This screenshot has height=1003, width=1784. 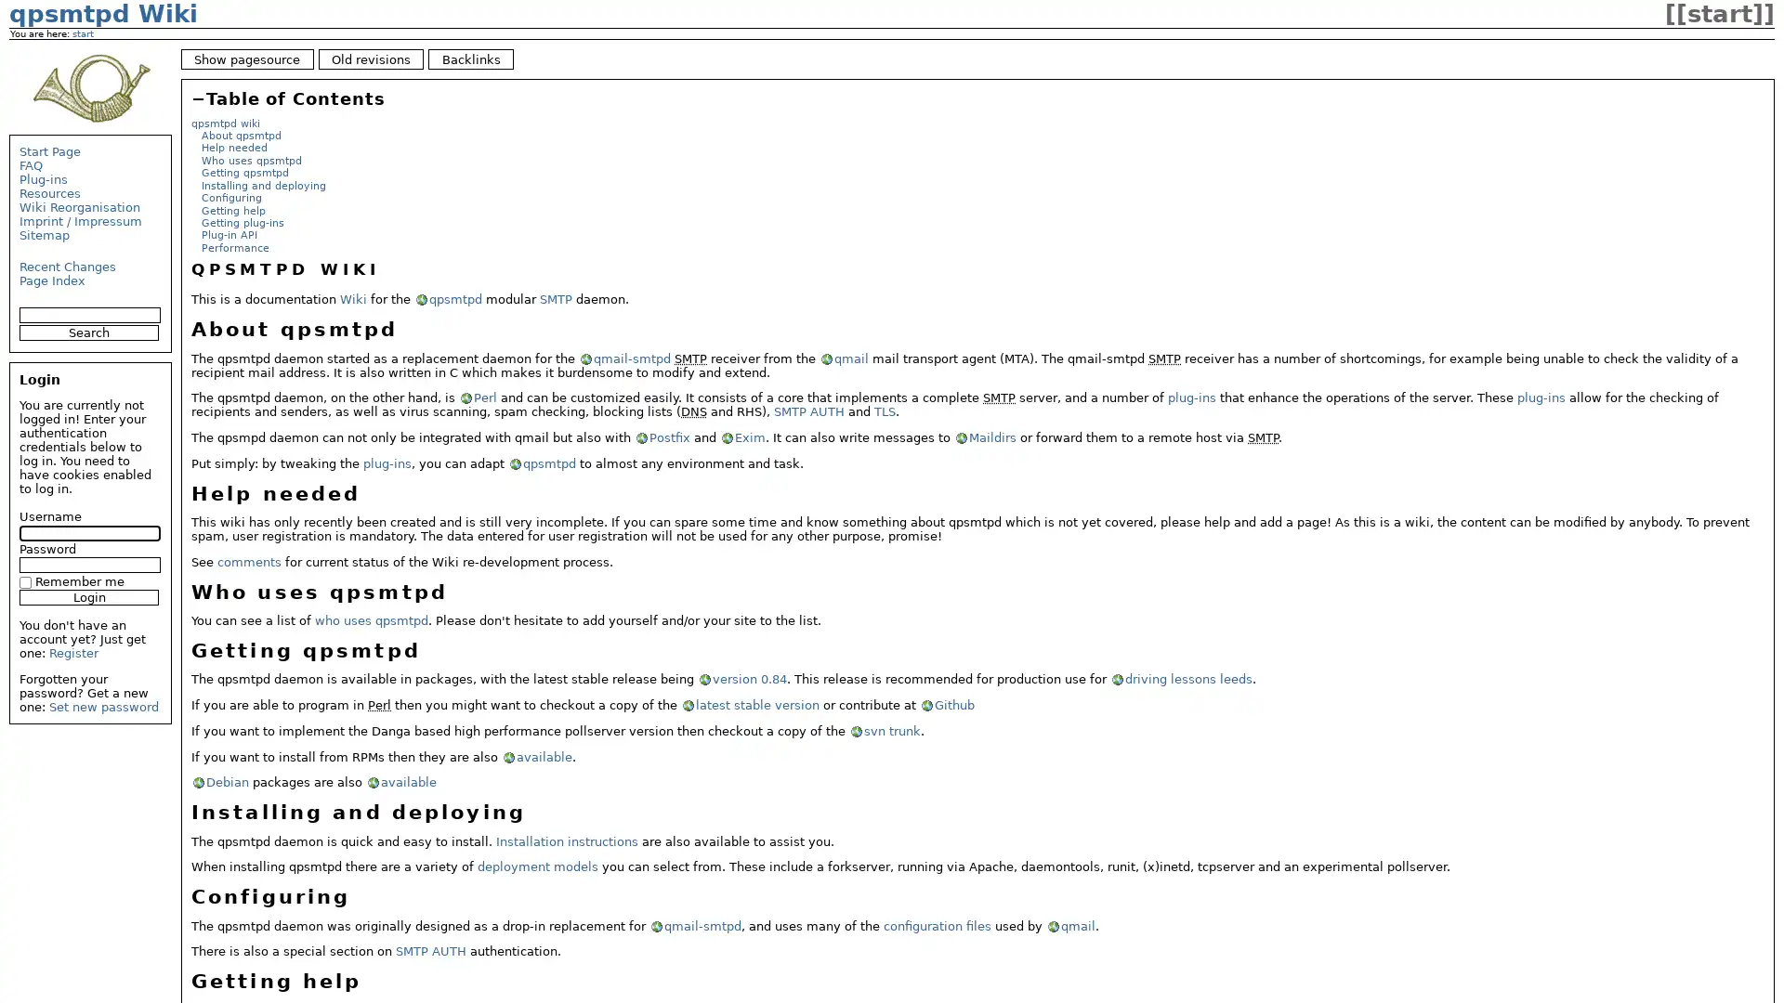 What do you see at coordinates (245, 59) in the screenshot?
I see `Show pagesource` at bounding box center [245, 59].